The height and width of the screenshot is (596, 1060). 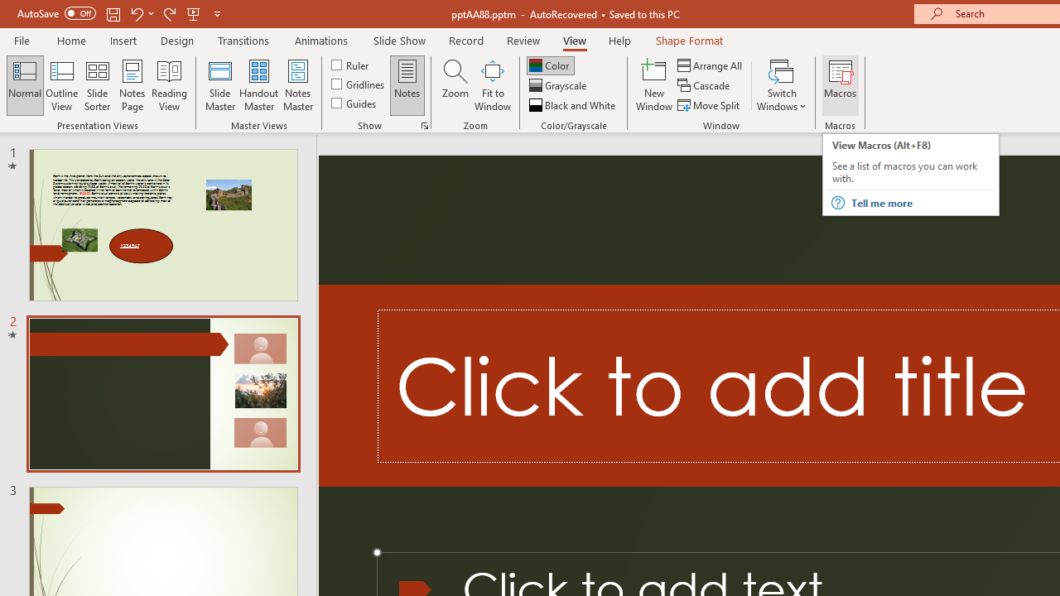 I want to click on 'Outline View', so click(x=61, y=85).